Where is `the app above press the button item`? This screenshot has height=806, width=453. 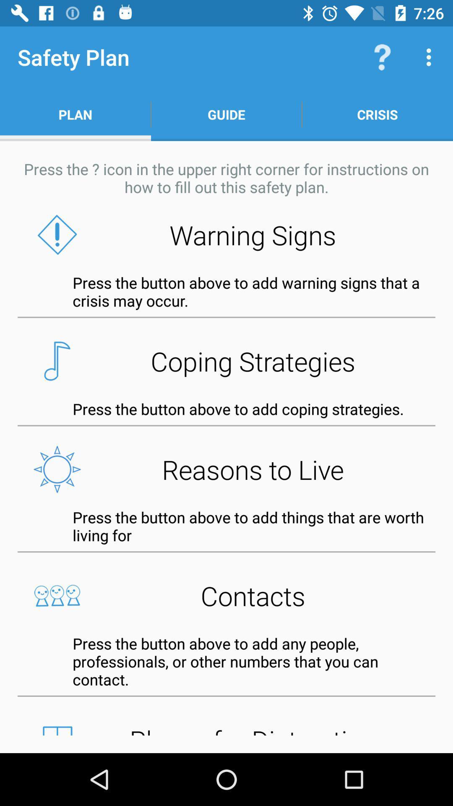 the app above press the button item is located at coordinates (226, 469).